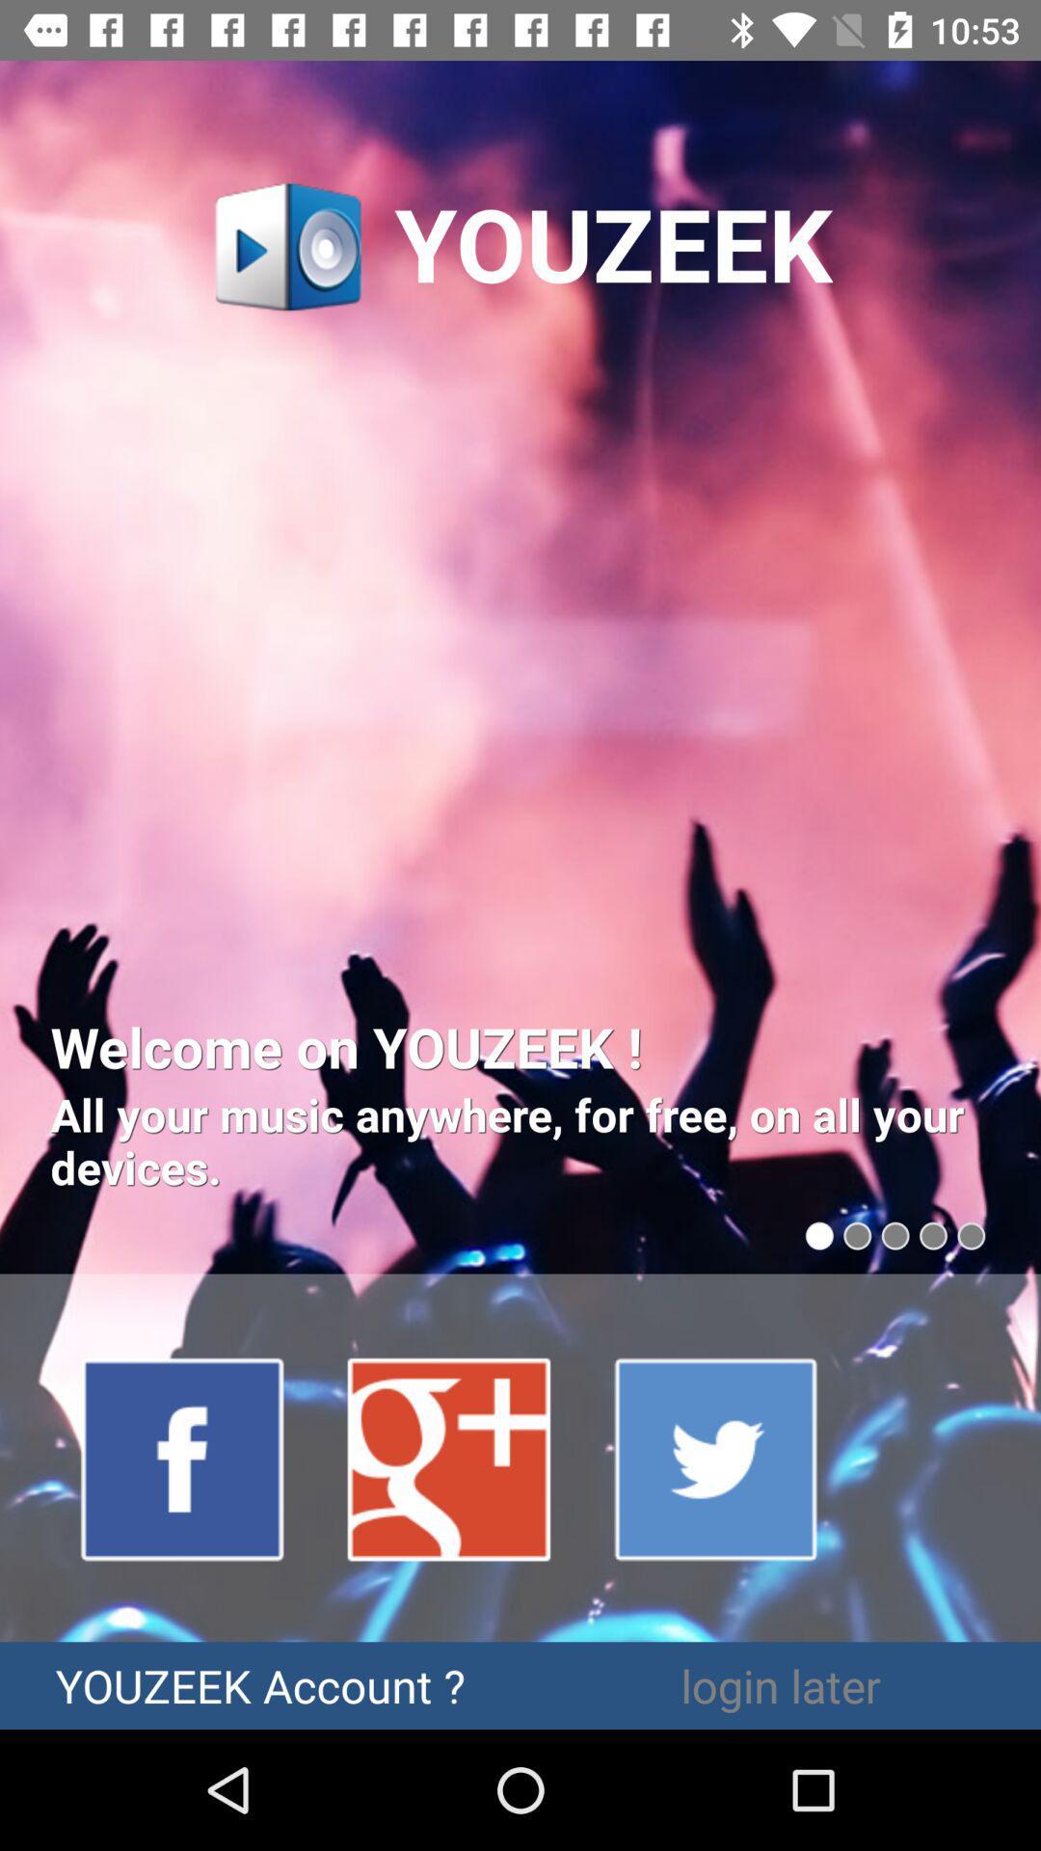  Describe the element at coordinates (450, 1458) in the screenshot. I see `sign in with google+` at that location.